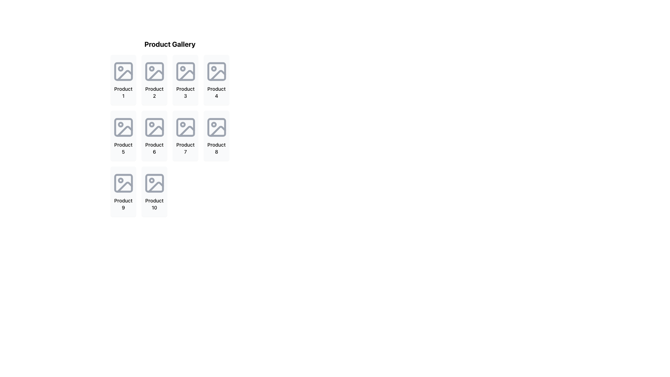 The image size is (670, 377). I want to click on the icon located at the center of the 'Product 1' card in the gallery, which features a line-drawn image symbol in gray color, so click(123, 71).